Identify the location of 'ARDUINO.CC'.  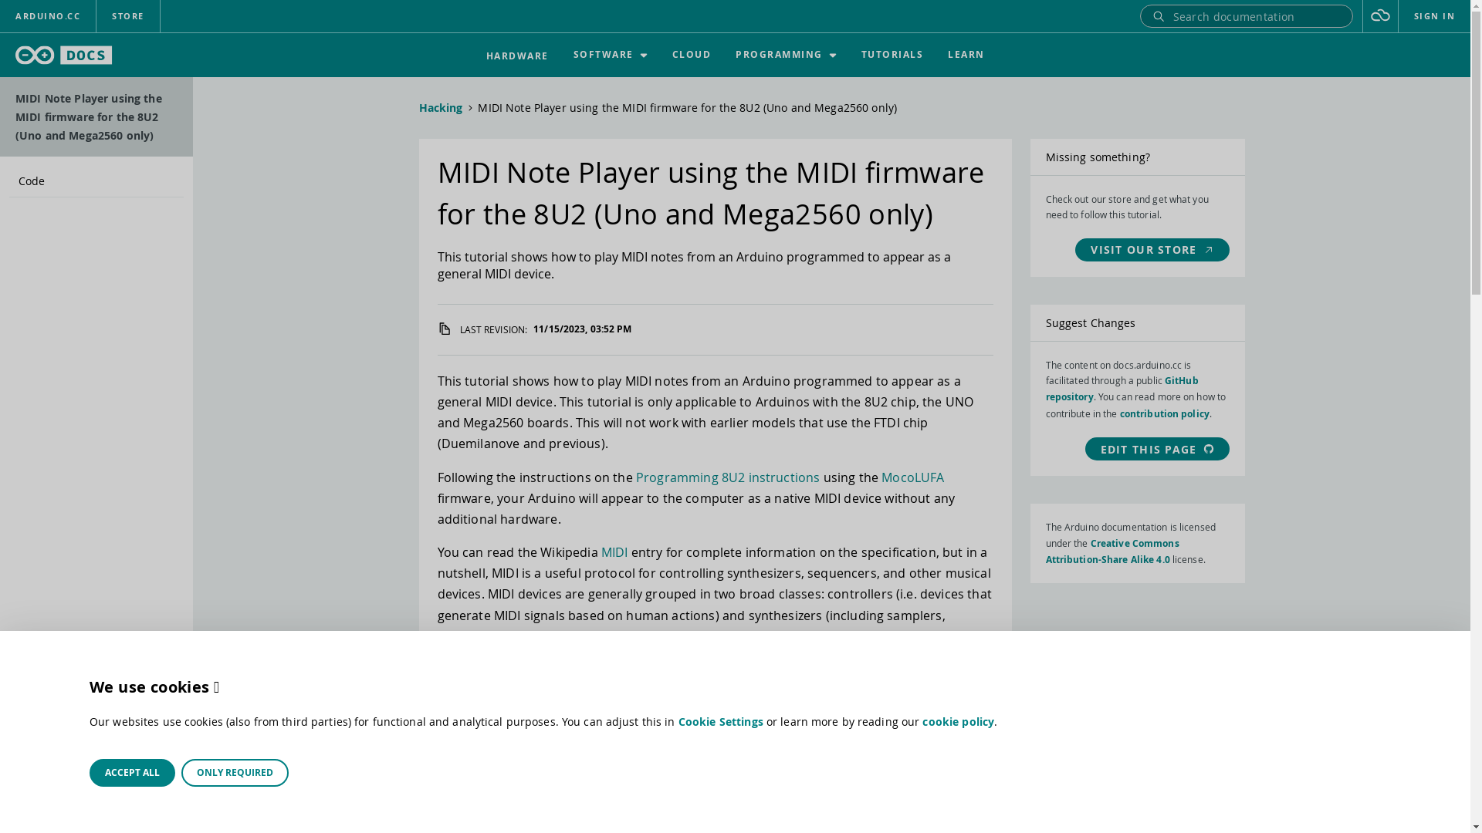
(0, 15).